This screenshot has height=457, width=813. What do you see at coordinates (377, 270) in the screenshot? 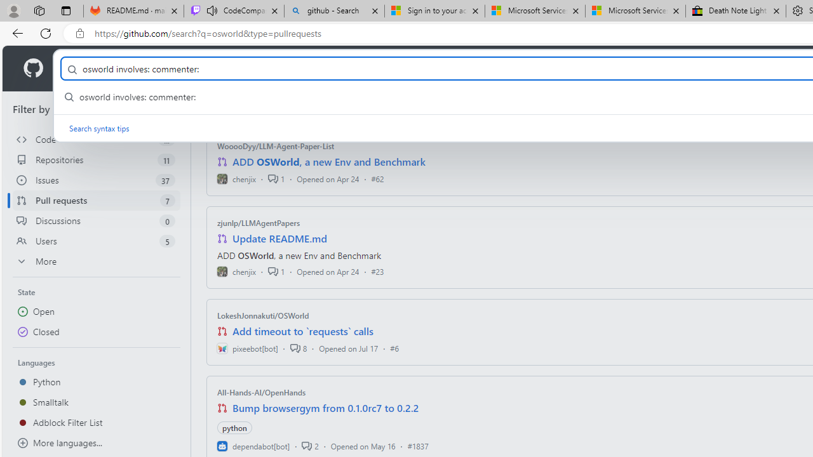
I see `'#23'` at bounding box center [377, 270].